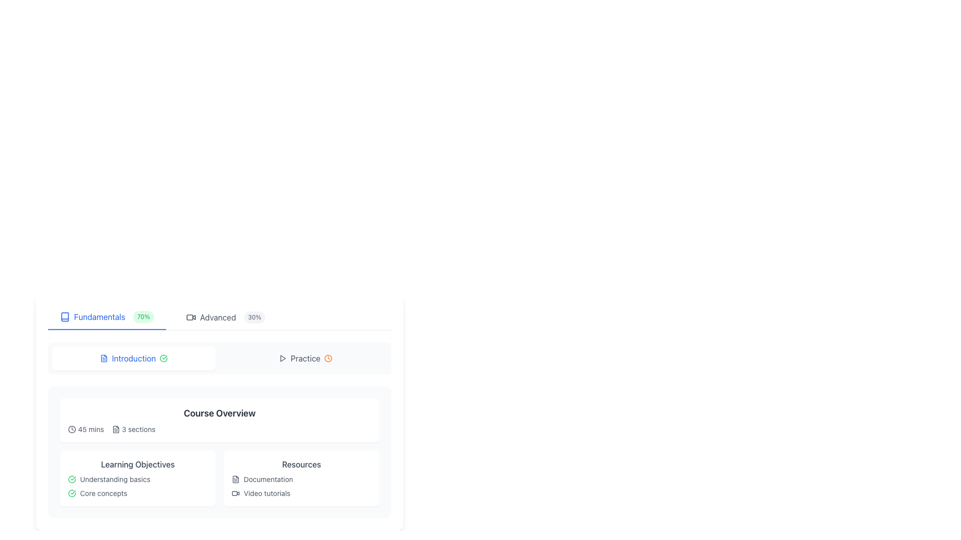  I want to click on the small paper icon located to the left of the text '3 sections', which is styled with a minimal modern outline, so click(116, 429).